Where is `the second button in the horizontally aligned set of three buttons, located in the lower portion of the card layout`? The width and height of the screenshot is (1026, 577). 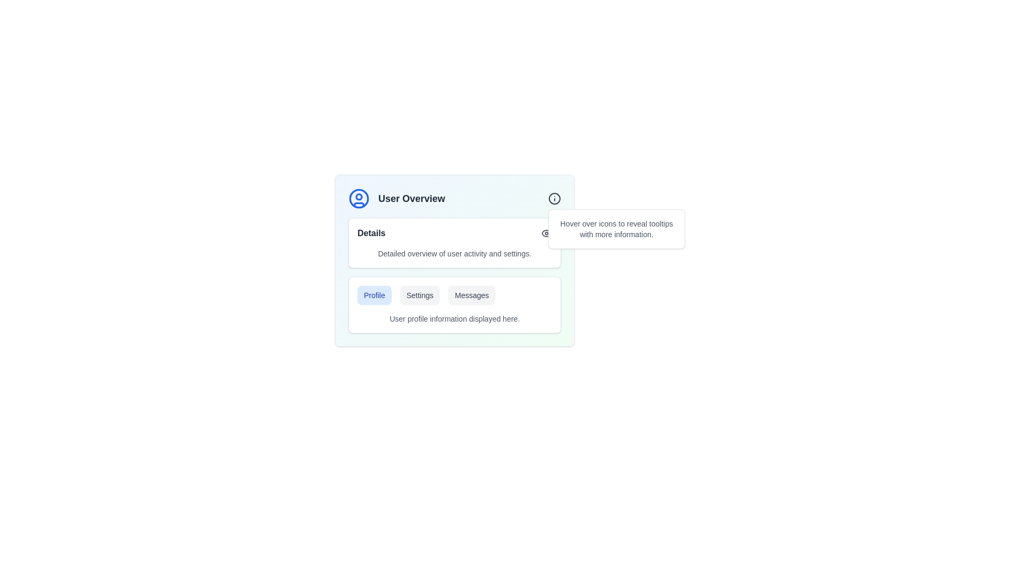
the second button in the horizontally aligned set of three buttons, located in the lower portion of the card layout is located at coordinates (419, 295).